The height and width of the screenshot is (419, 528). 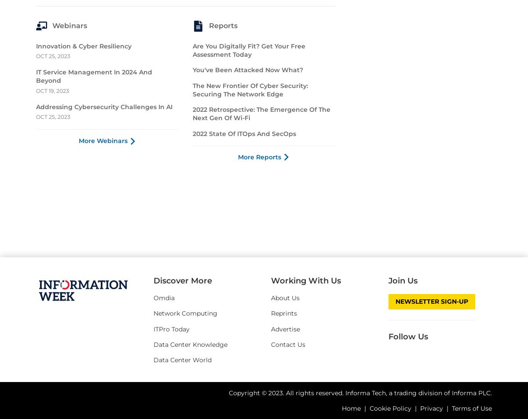 I want to click on '2022 Retrospective: The Emergence of the Next Gen of Wi-Fi', so click(x=261, y=274).